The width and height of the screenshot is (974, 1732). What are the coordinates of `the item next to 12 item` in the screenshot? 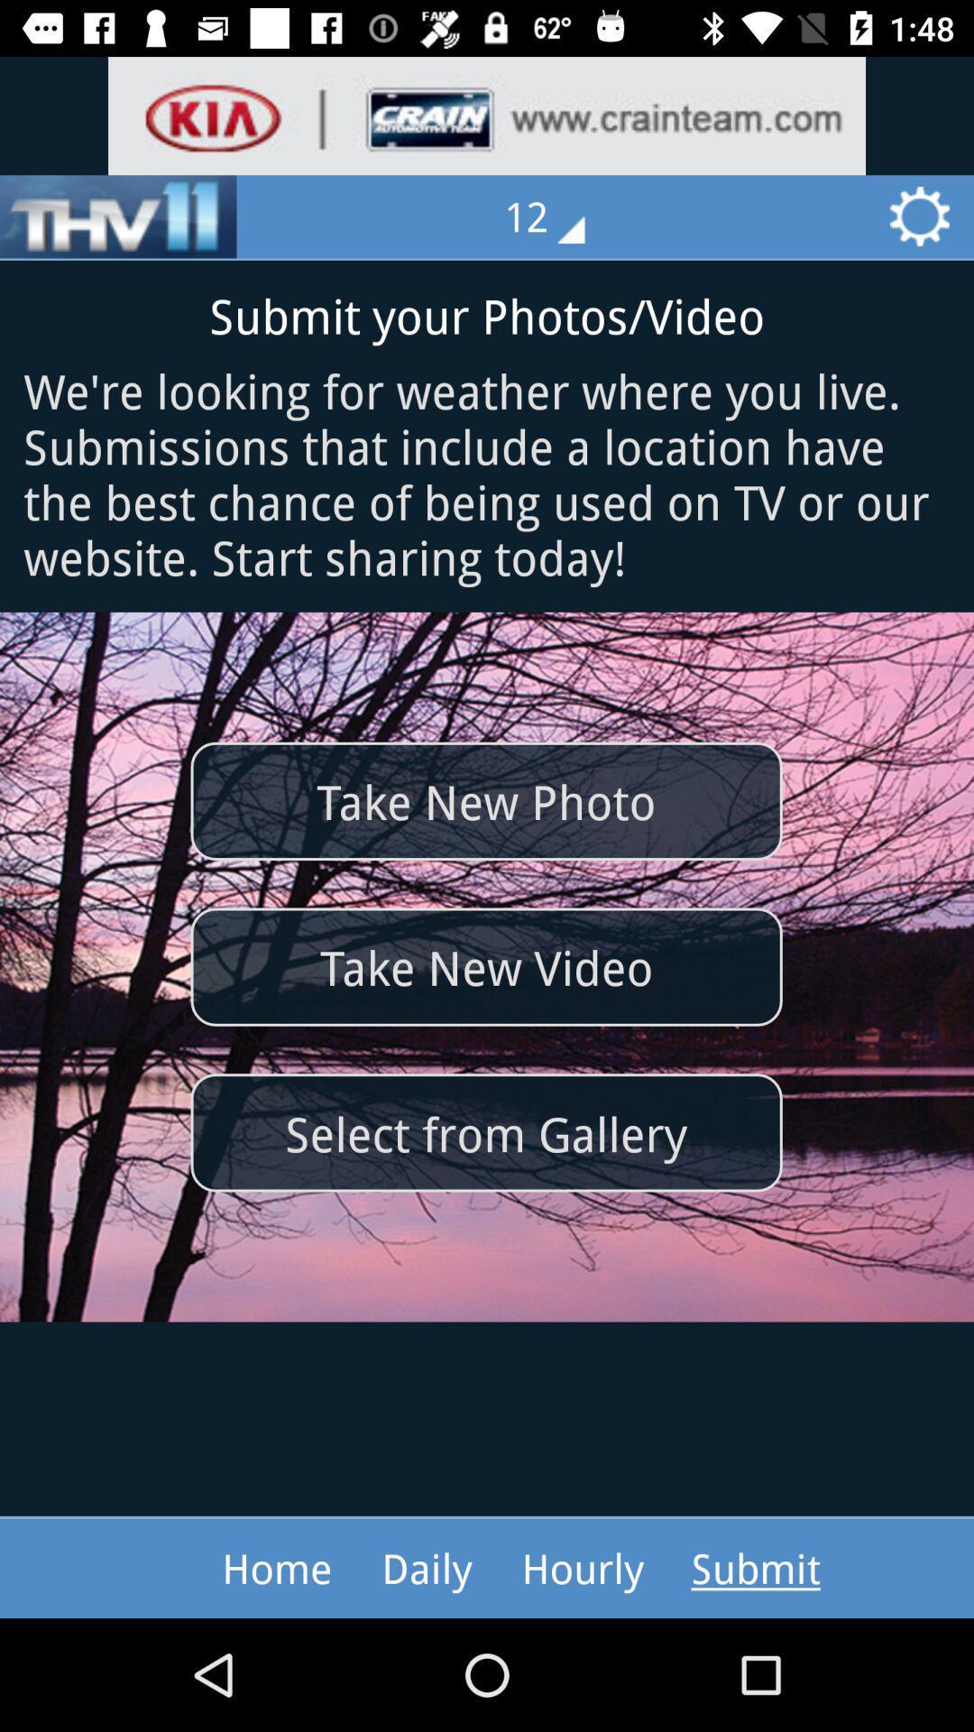 It's located at (118, 216).